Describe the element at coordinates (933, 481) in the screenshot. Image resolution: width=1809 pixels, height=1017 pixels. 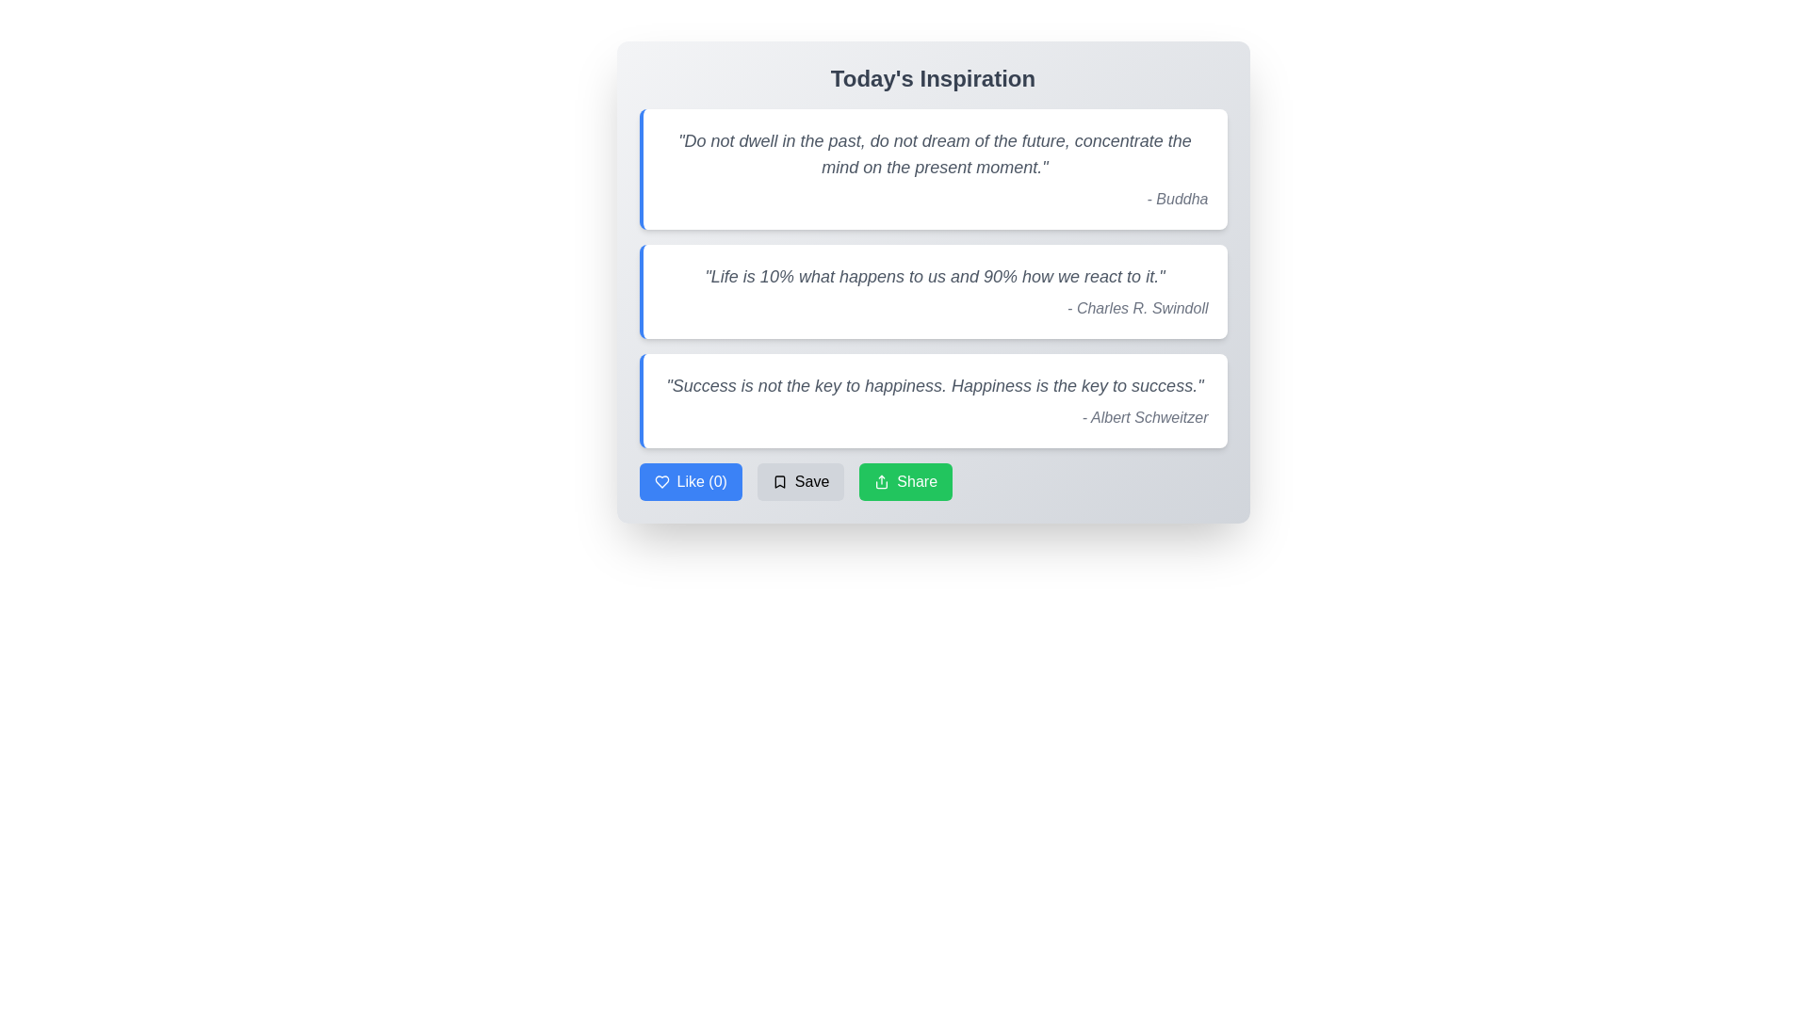
I see `the green 'Share' button with white text and a share icon to observe interactive effects` at that location.